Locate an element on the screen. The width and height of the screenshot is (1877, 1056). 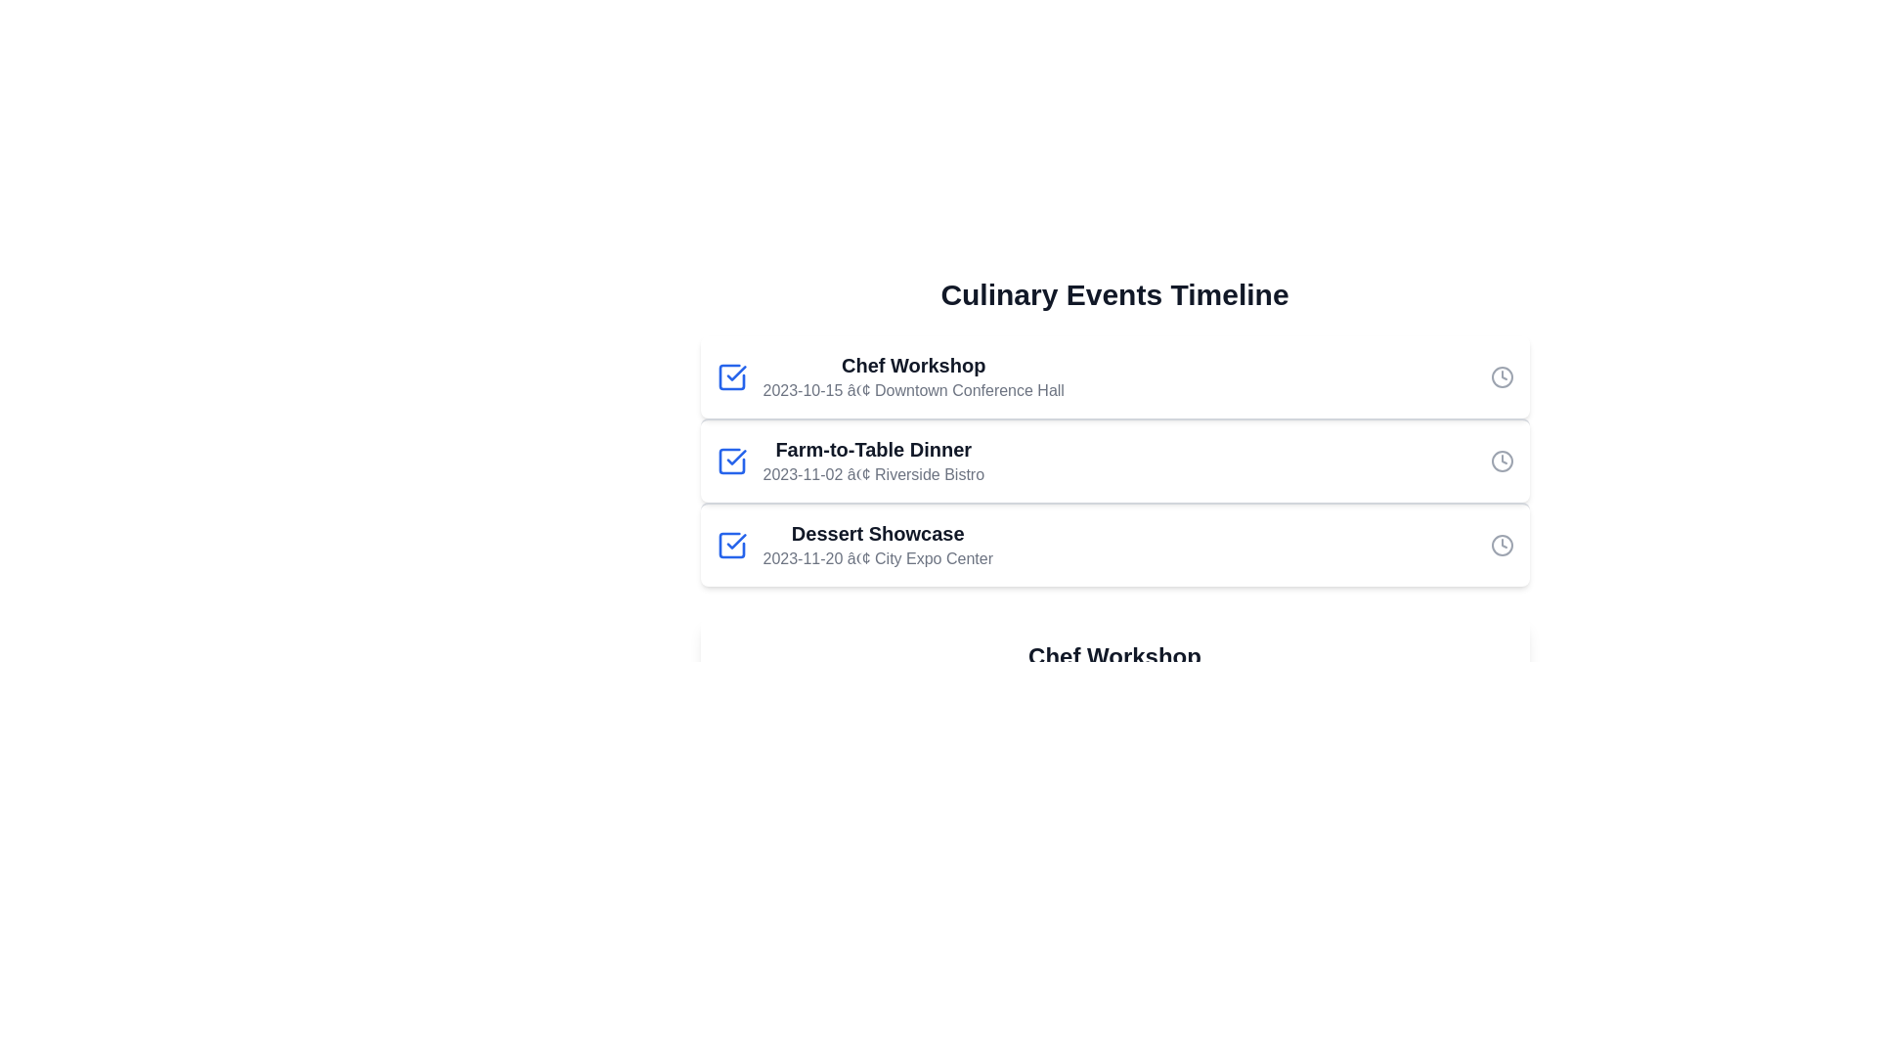
date and venue information from the descriptive text label located below the 'Dessert Showcase' title is located at coordinates (877, 558).